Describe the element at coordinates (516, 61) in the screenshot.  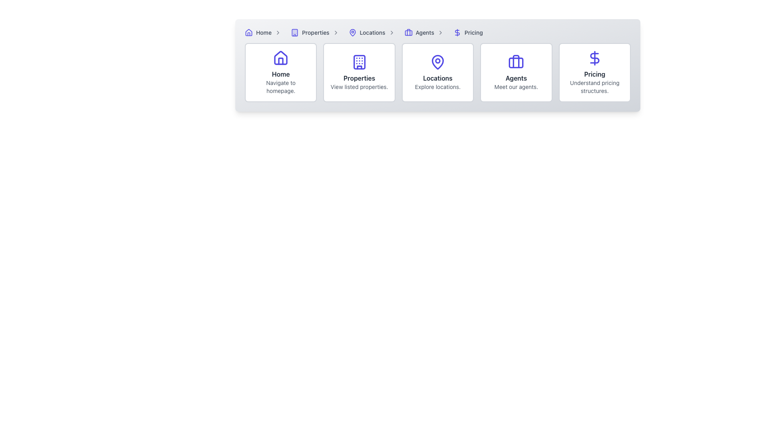
I see `the decorative icon component of the briefcase located centrally within the 'Agents' clickable card` at that location.